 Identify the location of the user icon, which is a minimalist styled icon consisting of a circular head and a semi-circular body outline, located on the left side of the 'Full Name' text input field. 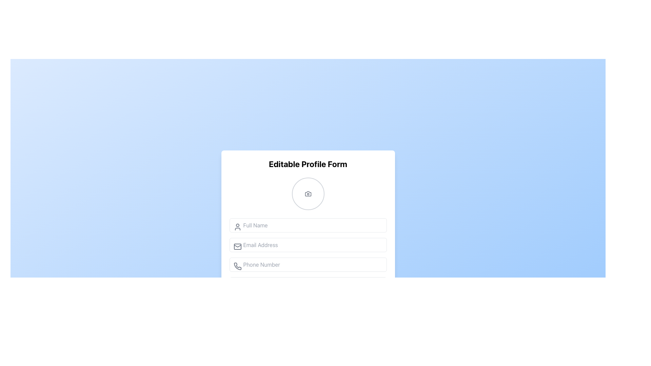
(237, 227).